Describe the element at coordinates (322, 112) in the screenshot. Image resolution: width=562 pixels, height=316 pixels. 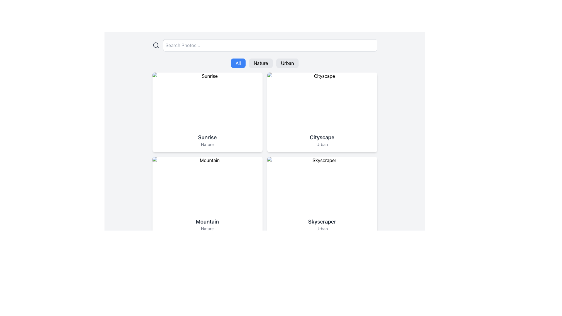
I see `the card labeled 'Cityscape'` at that location.